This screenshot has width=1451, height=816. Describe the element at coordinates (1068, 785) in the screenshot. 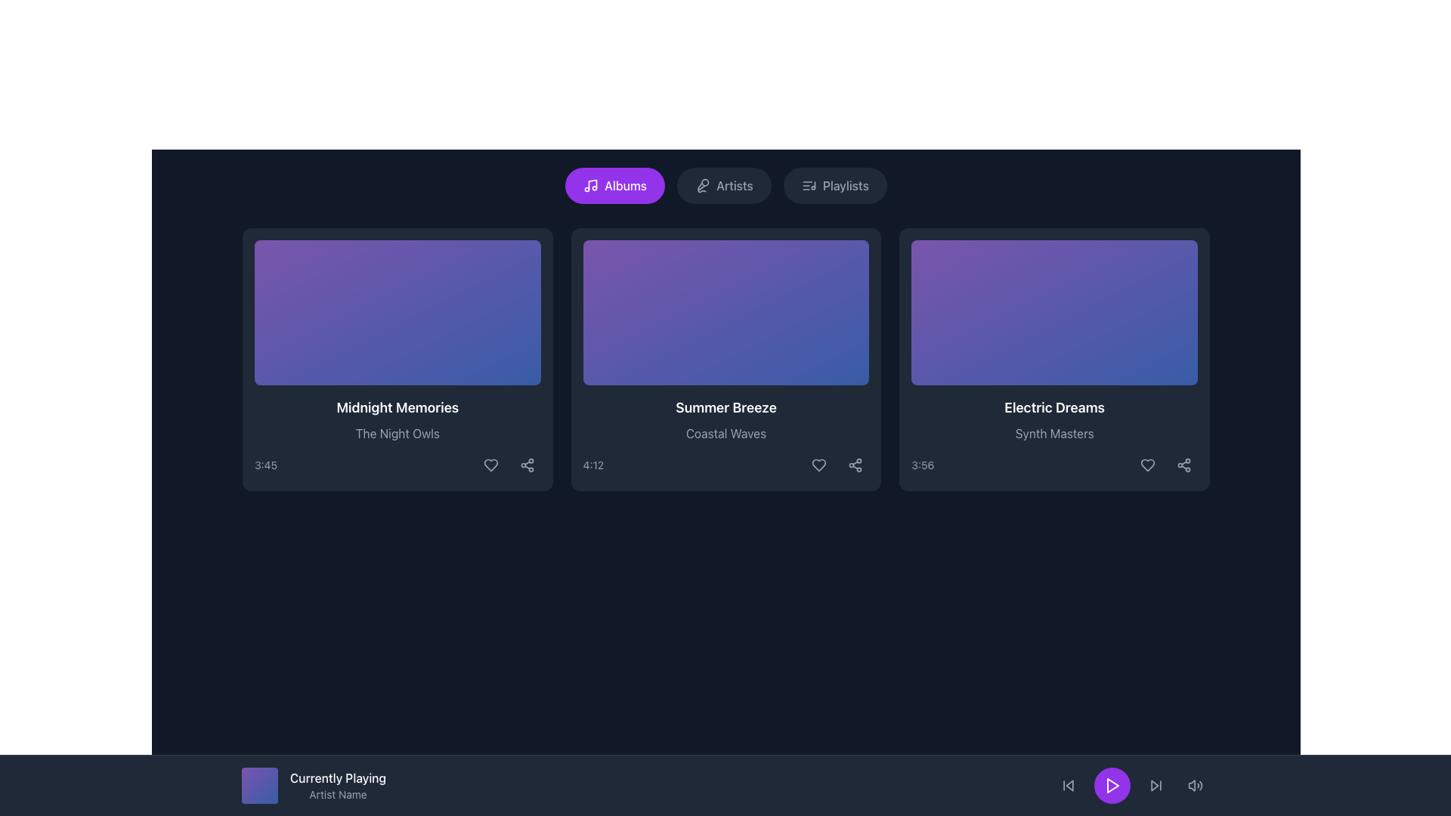

I see `the skip back button located at the bottom center of the interface, which is the first button in a sequence of playback controls, to skip back to the previous track` at that location.